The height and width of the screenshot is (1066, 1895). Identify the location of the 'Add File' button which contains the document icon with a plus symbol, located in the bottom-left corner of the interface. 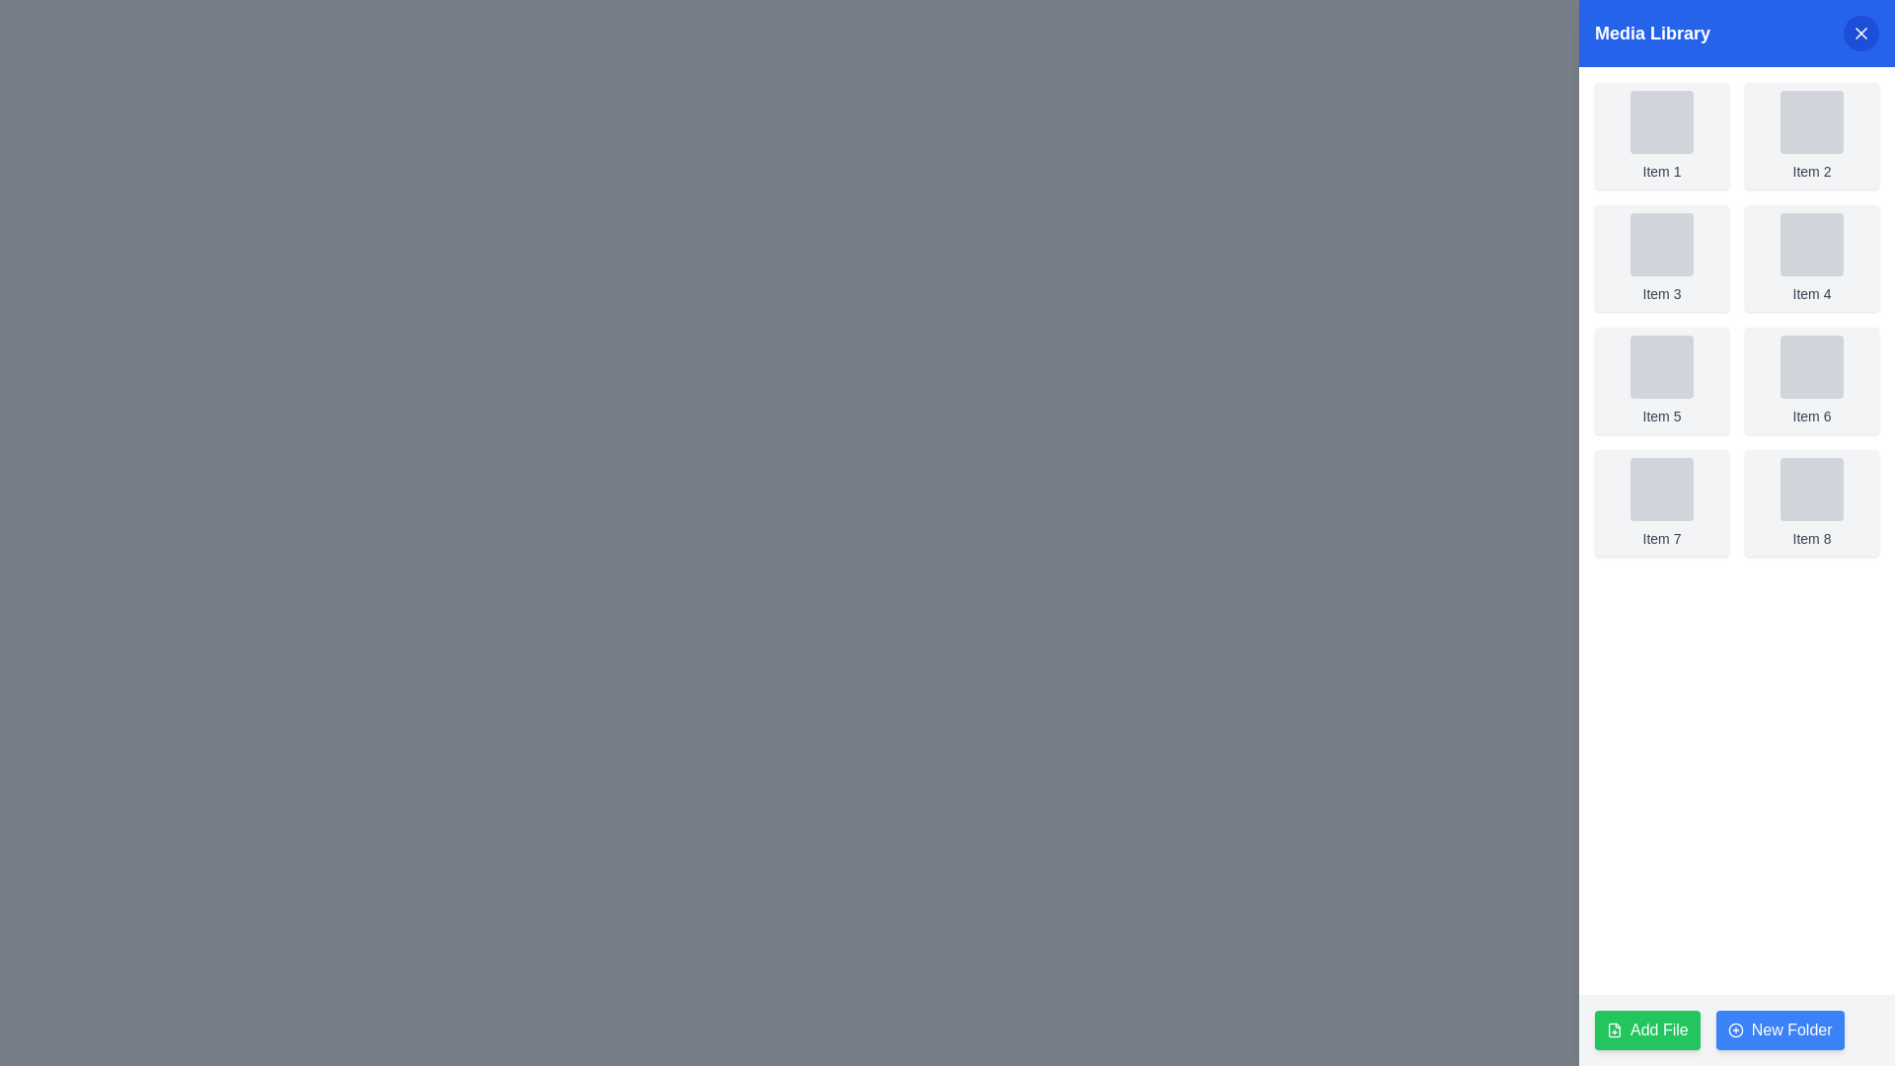
(1615, 1029).